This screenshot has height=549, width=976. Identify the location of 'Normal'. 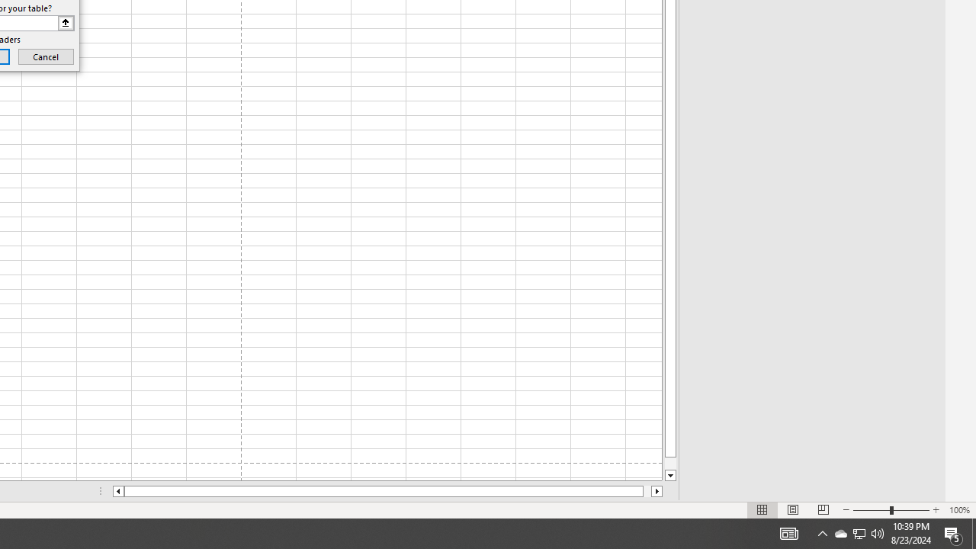
(762, 510).